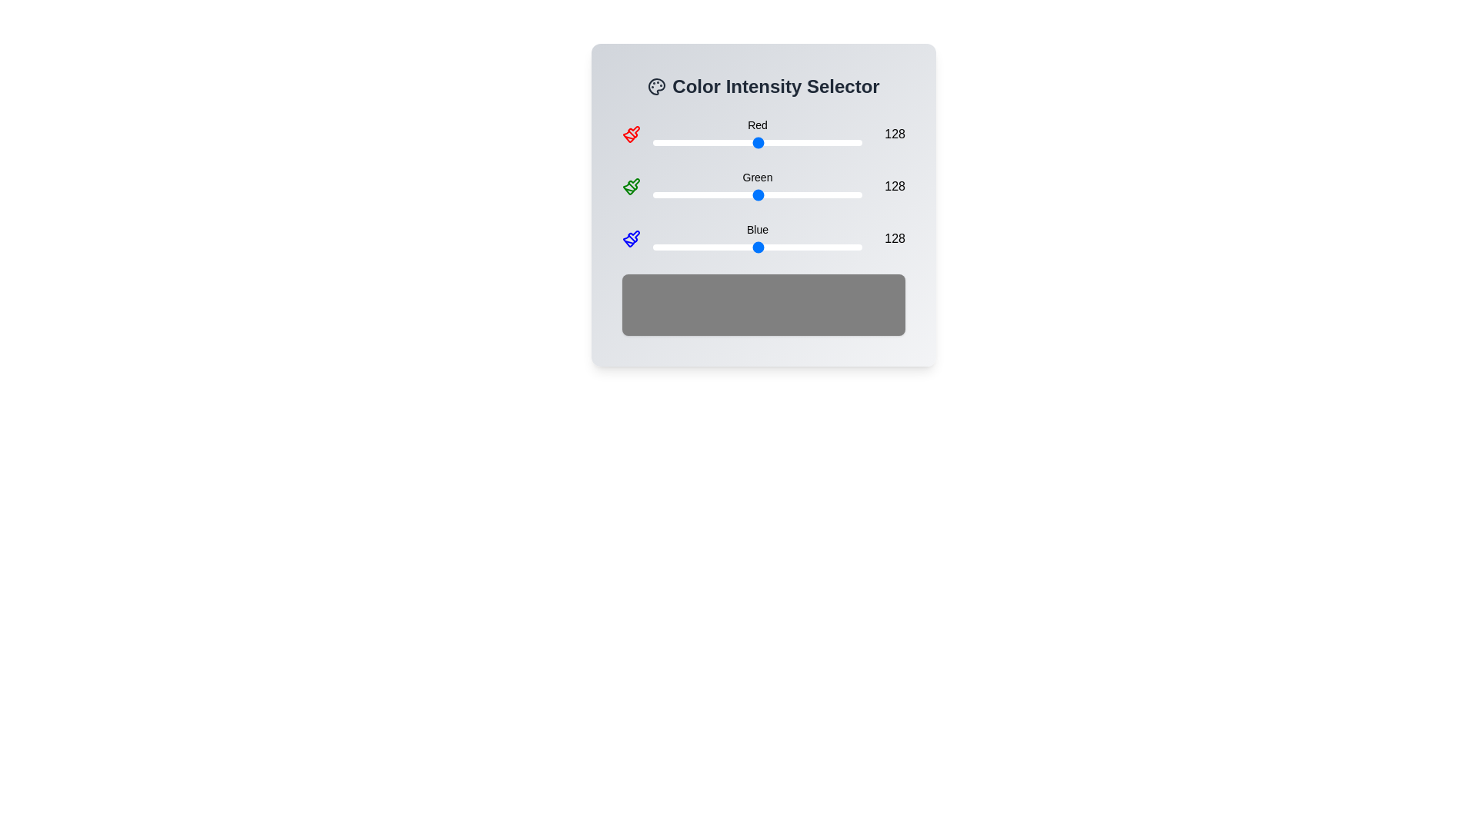 Image resolution: width=1477 pixels, height=830 pixels. I want to click on the green color intensity, so click(822, 194).